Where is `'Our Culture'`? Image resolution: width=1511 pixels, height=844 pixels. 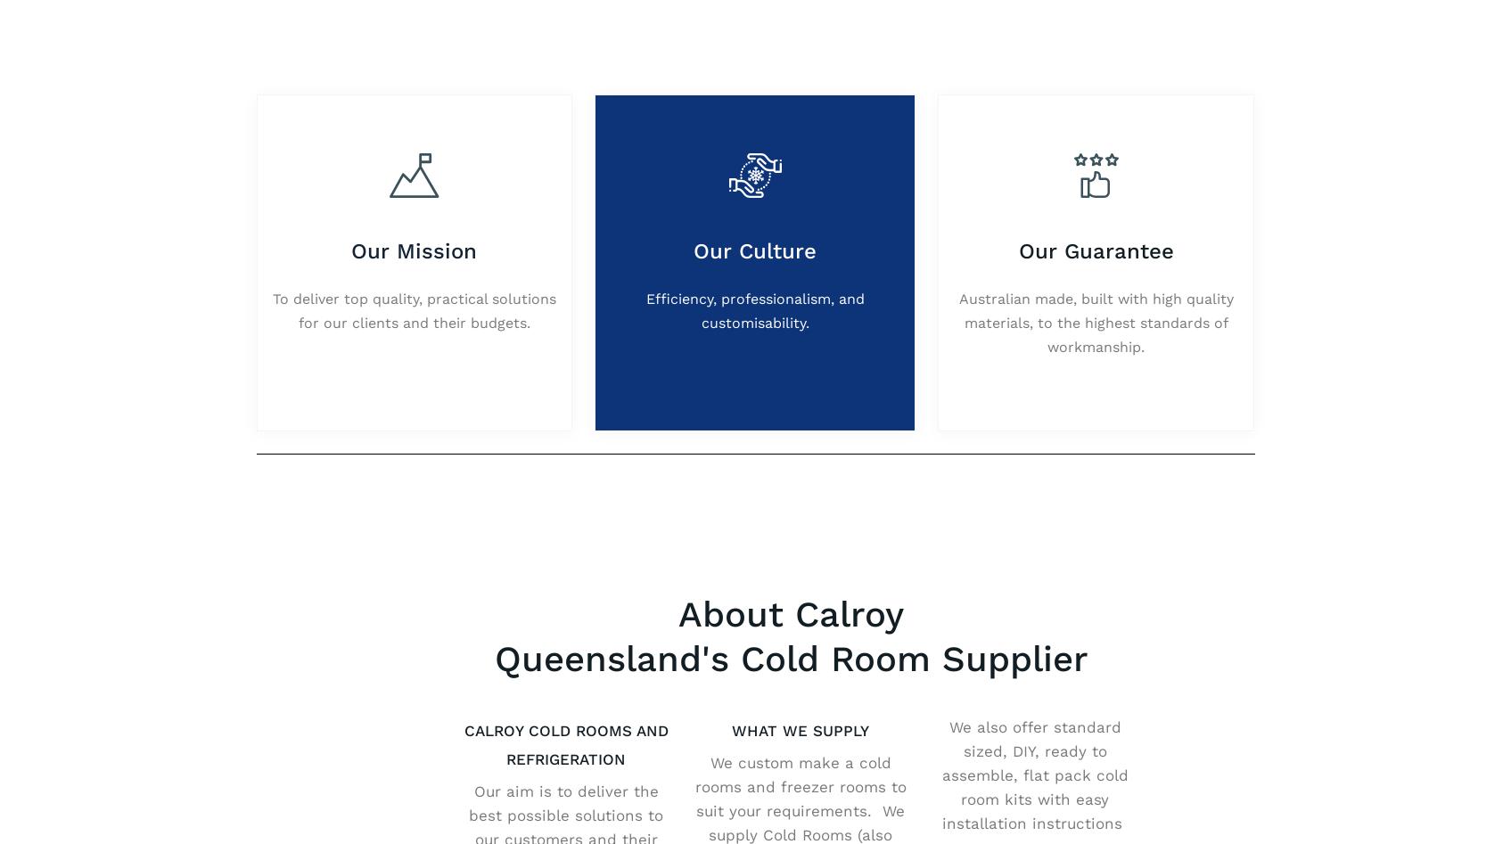
'Our Culture' is located at coordinates (754, 250).